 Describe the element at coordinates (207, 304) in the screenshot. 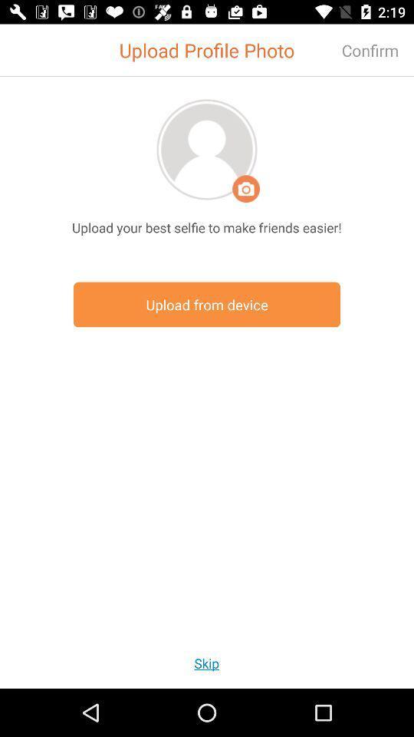

I see `the upload from device` at that location.